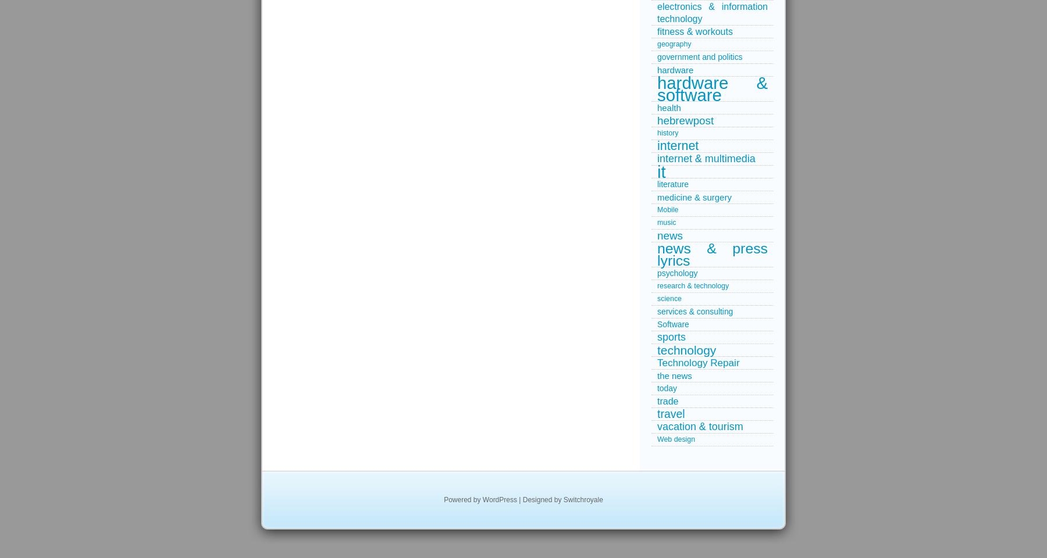  I want to click on 'science', so click(668, 298).